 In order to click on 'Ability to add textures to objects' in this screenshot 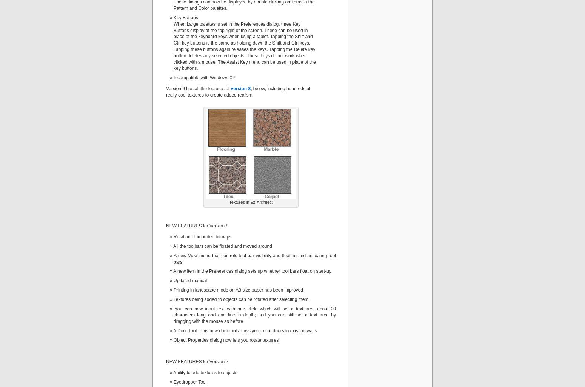, I will do `click(205, 372)`.